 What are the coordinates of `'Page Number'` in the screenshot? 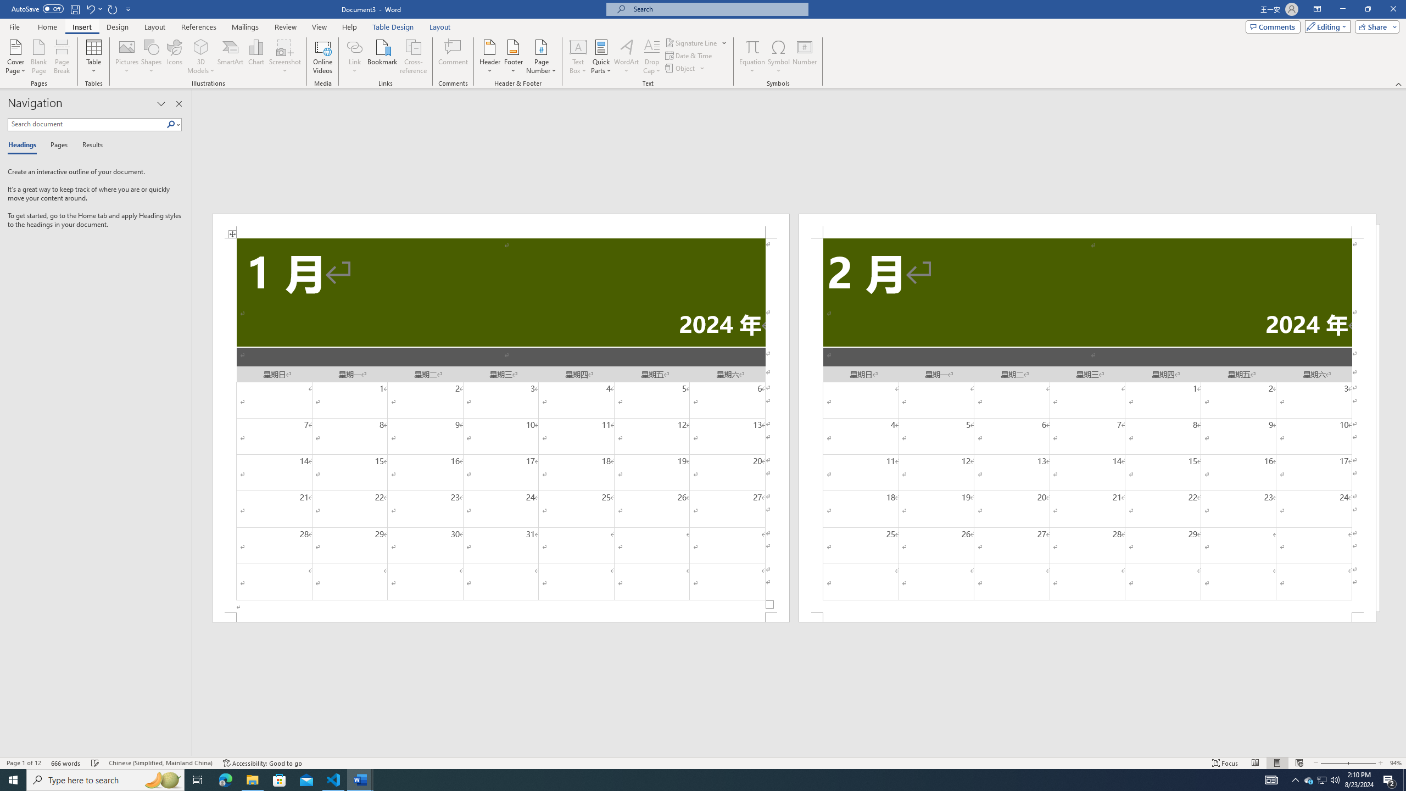 It's located at (541, 57).